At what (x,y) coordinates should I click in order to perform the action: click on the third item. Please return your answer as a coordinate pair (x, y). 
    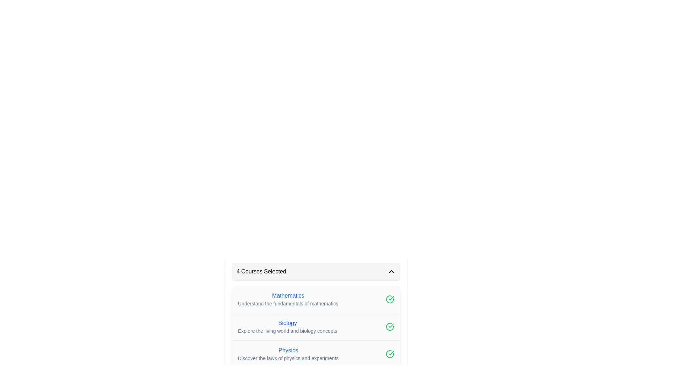
    Looking at the image, I should click on (315, 354).